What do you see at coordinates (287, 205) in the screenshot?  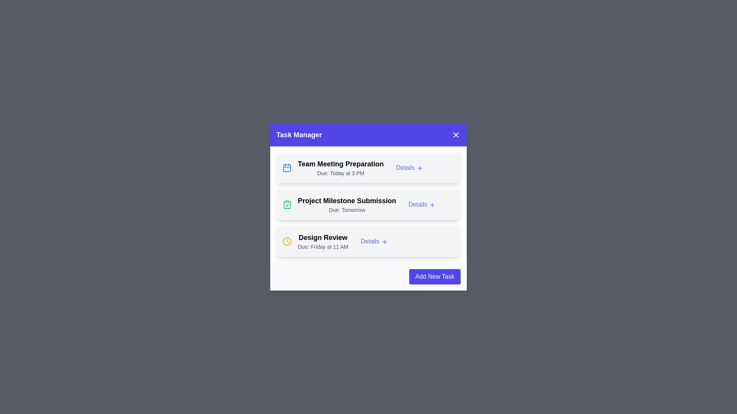 I see `the middle decorative component of the clipboard icon styled with a green tint, located beside 'Project Milestone Submission' in the second row of the list` at bounding box center [287, 205].